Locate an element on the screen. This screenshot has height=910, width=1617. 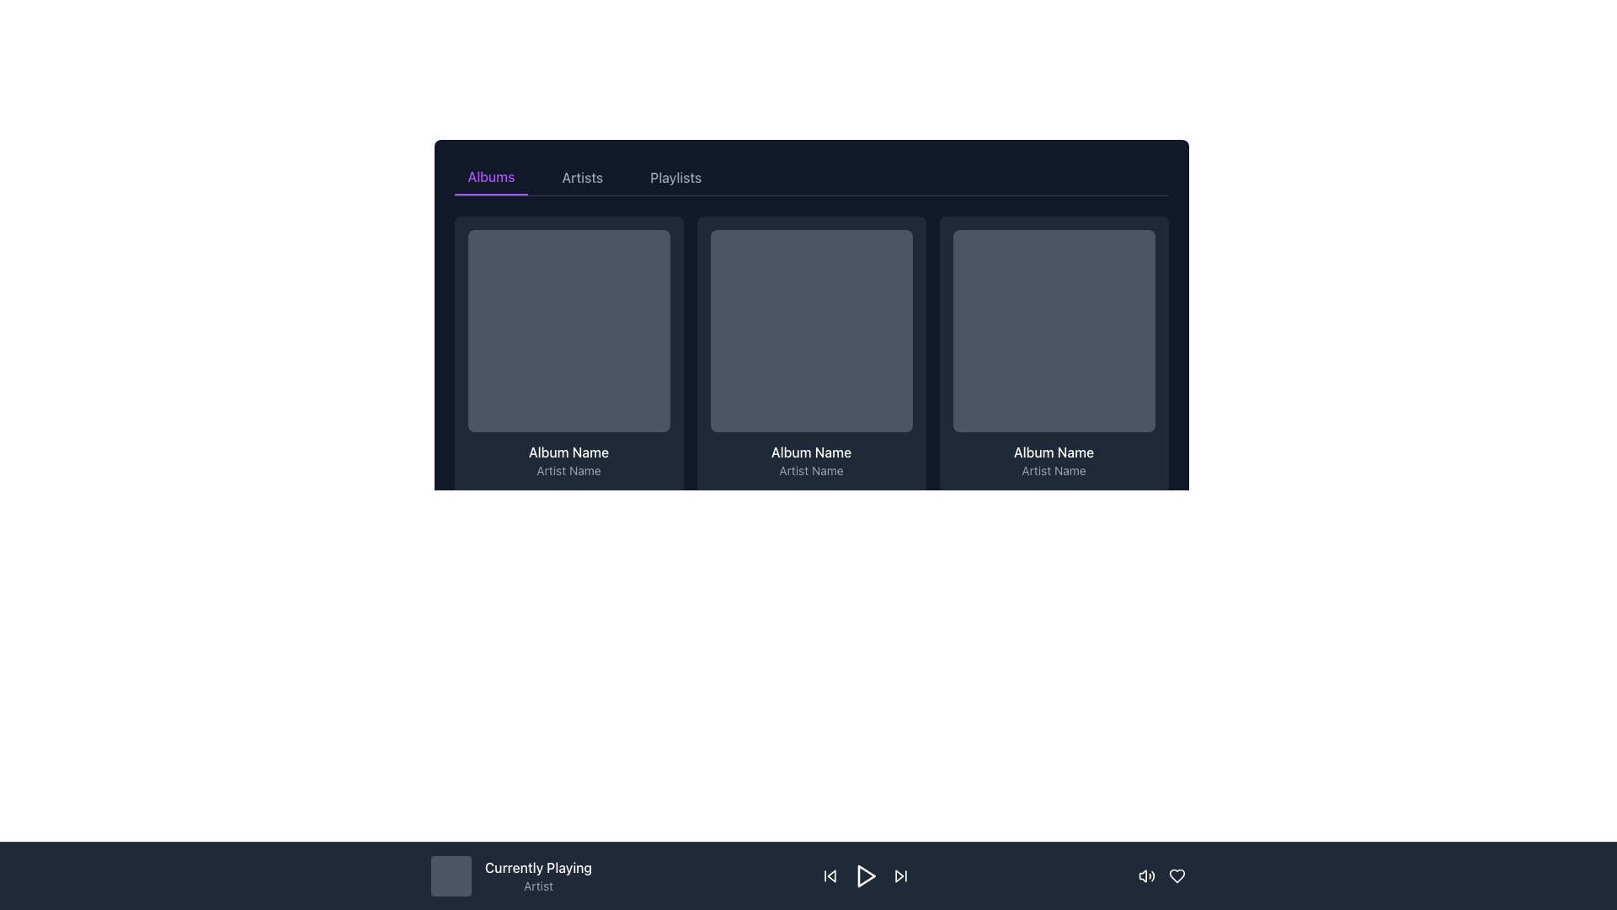
the heart icon, which is a hollow outlined button located at the far right of the playback control area, to like the item is located at coordinates (1176, 875).